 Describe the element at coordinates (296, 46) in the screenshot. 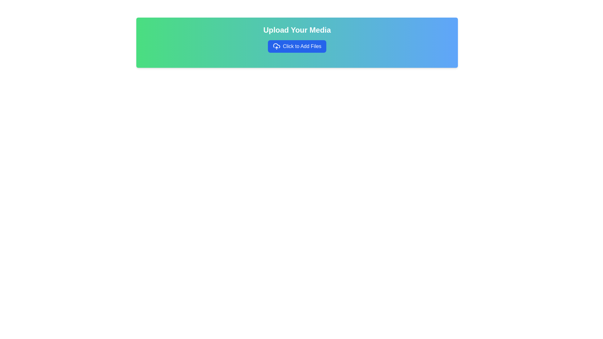

I see `the button used to initiate the process of adding files, positioned below the 'Upload Your Media' label` at that location.